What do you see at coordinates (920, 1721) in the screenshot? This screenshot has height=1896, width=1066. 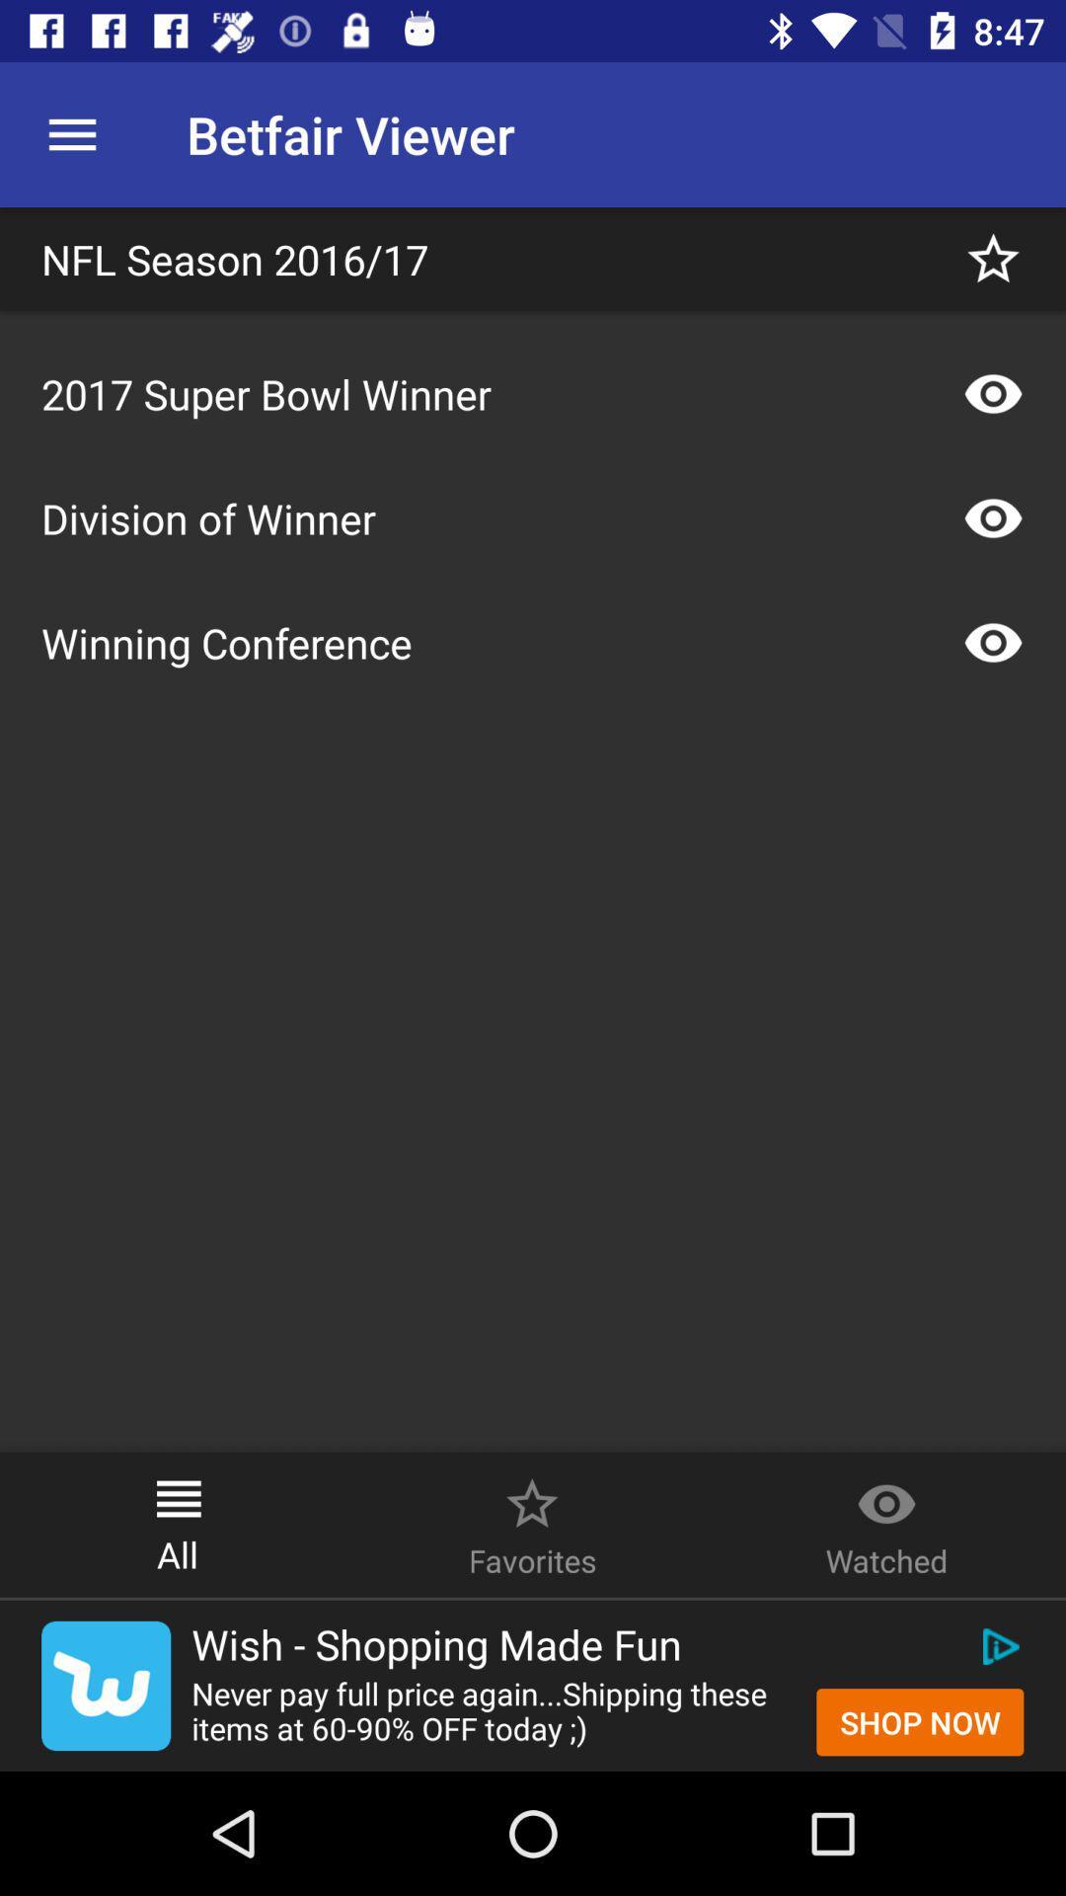 I see `the icon next to never pay full item` at bounding box center [920, 1721].